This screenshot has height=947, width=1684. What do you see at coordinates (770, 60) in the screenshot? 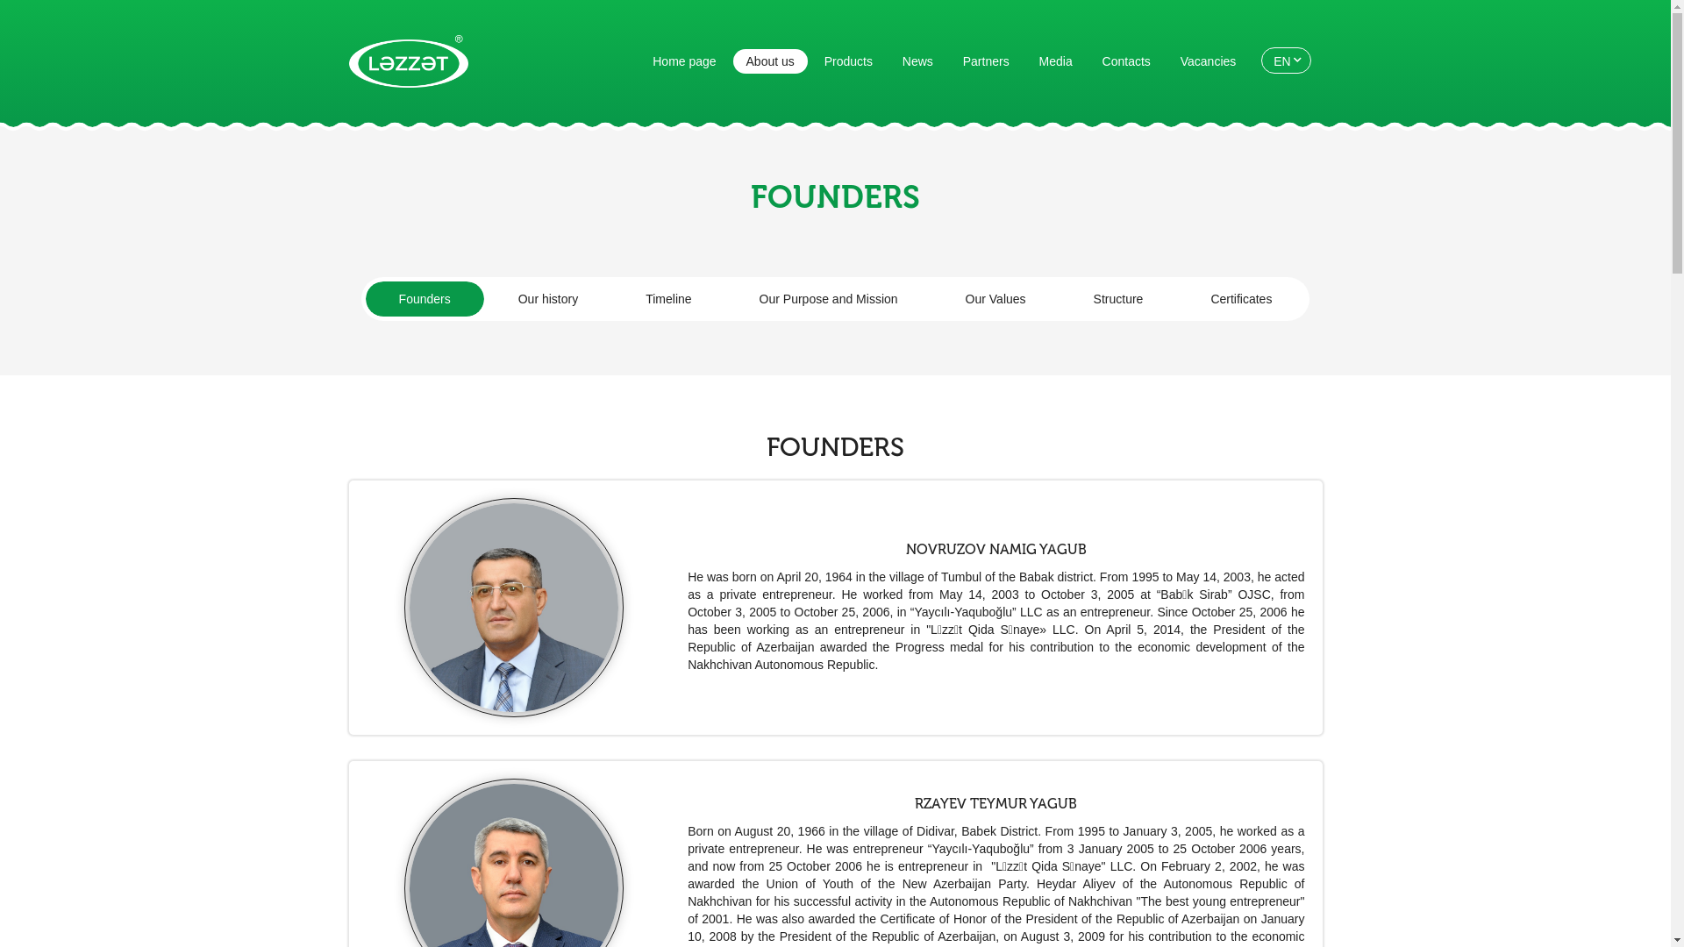
I see `'About us'` at bounding box center [770, 60].